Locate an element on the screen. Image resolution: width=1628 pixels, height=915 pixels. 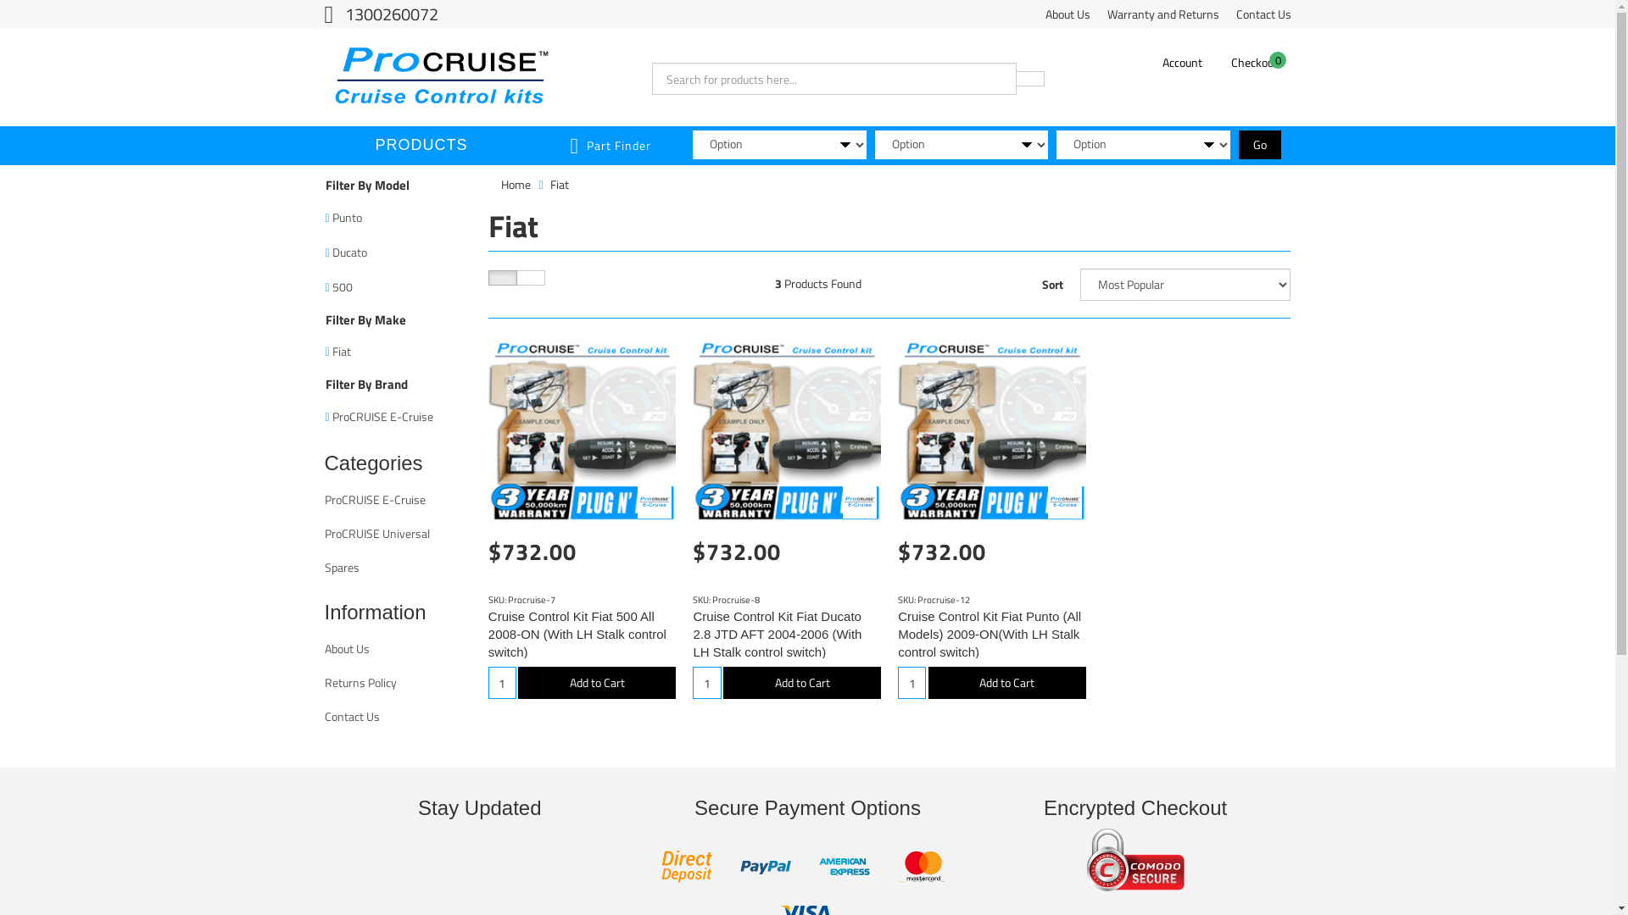
'Spares' is located at coordinates (324, 568).